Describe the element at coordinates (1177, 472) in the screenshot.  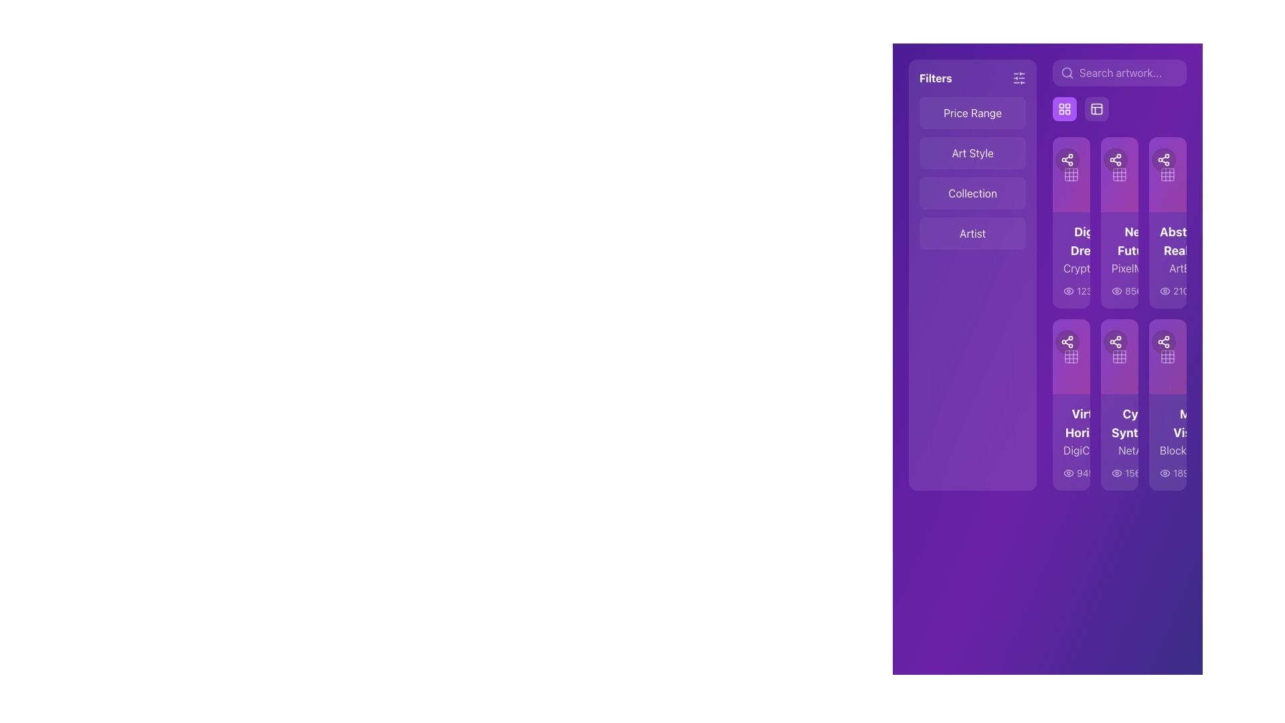
I see `displayed text showing the quantitative measure represented by the text and visibility icon in the rightmost column of the grid, located between the eye icon and the text '145' with a heart icon` at that location.